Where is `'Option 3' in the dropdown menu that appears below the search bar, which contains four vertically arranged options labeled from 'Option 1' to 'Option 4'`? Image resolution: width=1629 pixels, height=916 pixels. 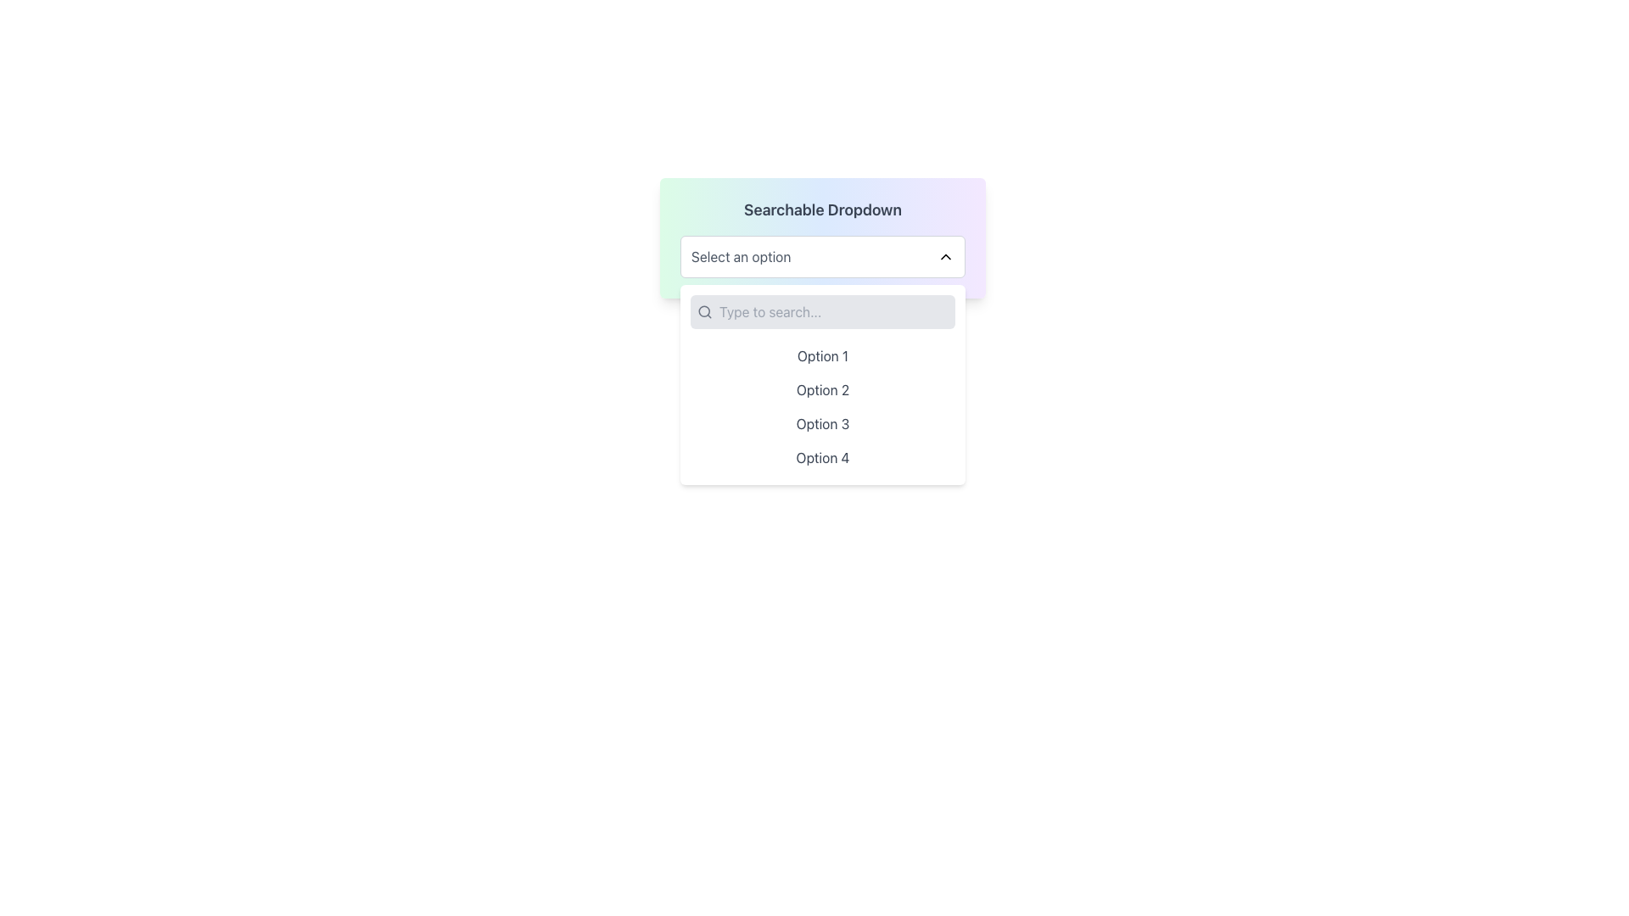
'Option 3' in the dropdown menu that appears below the search bar, which contains four vertically arranged options labeled from 'Option 1' to 'Option 4' is located at coordinates (822, 406).